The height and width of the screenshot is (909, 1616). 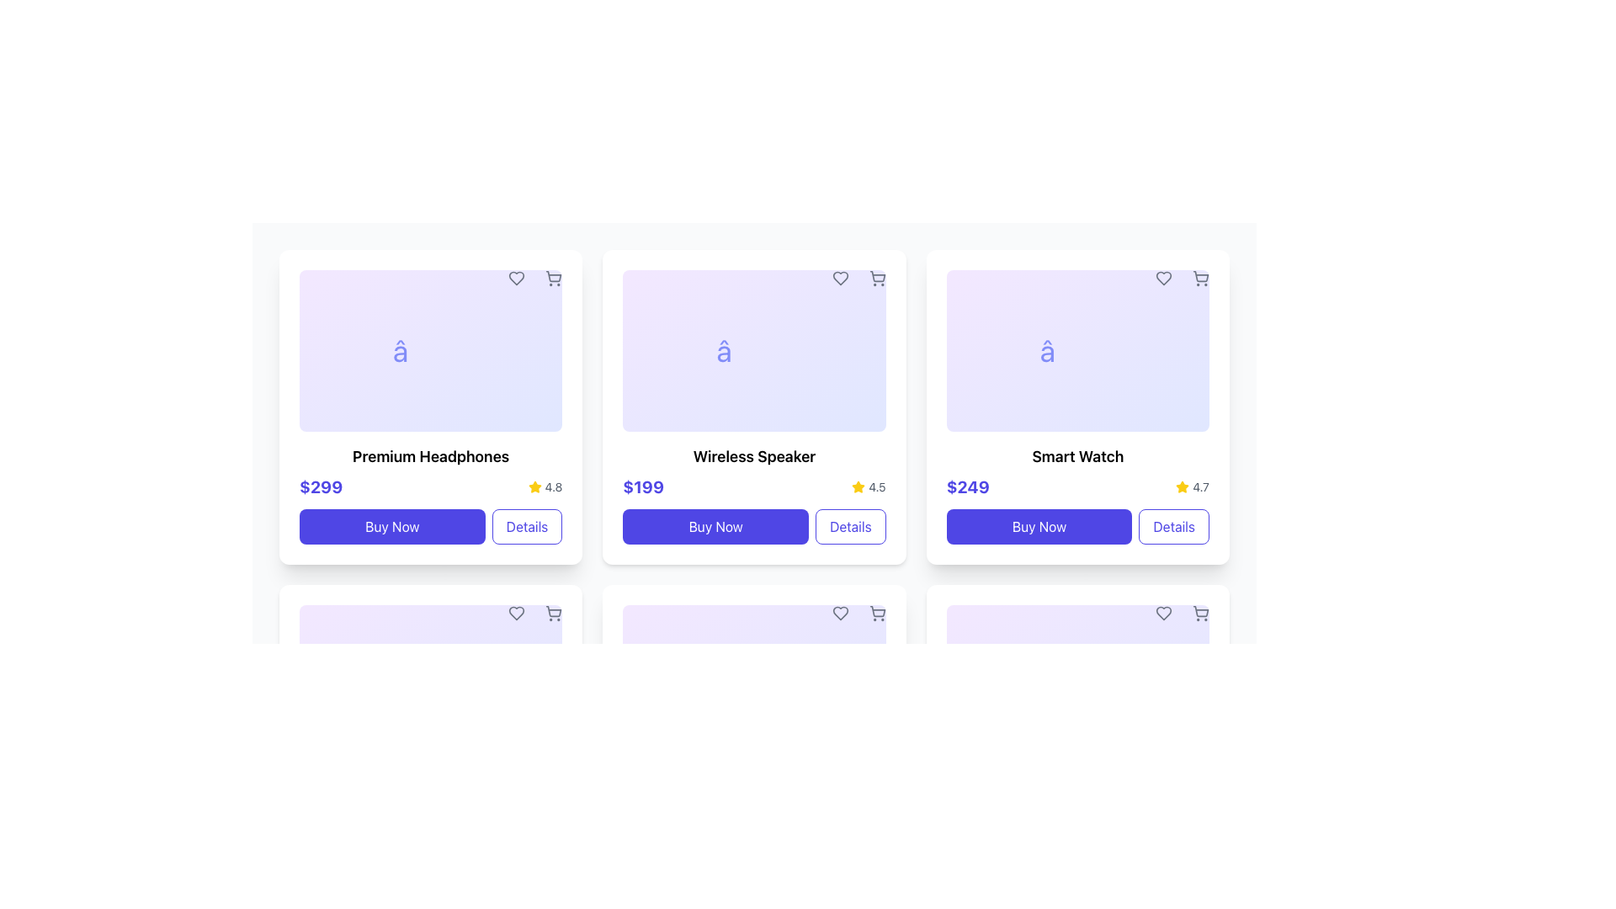 I want to click on the text label displaying '4.7' next to a yellow star icon, so click(x=1192, y=486).